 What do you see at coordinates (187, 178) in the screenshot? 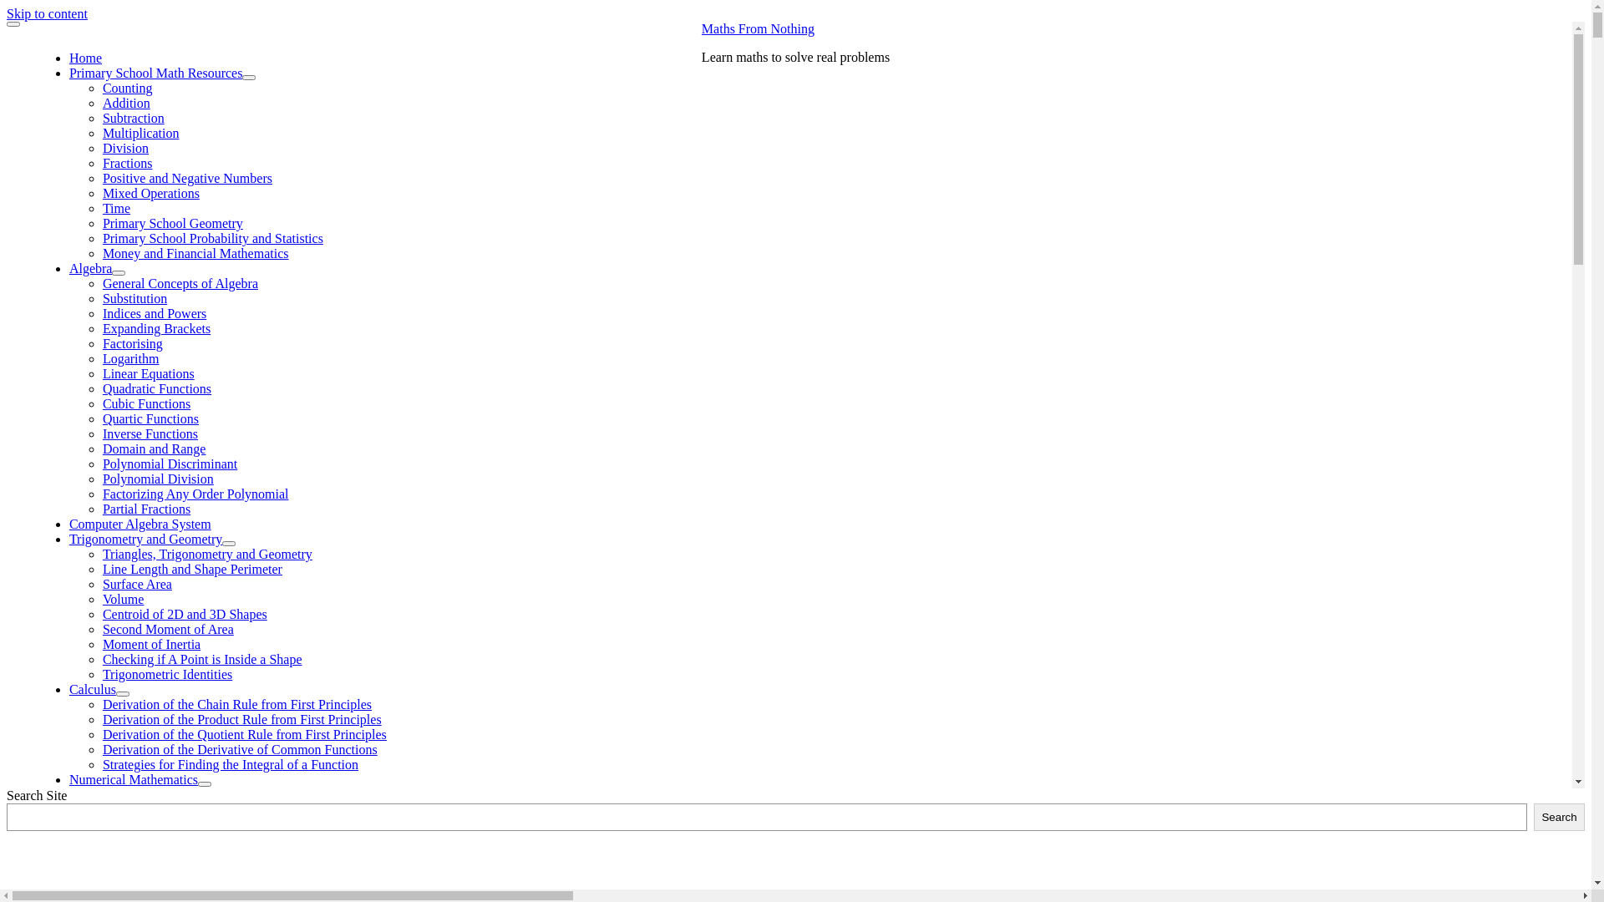
I see `'Positive and Negative Numbers'` at bounding box center [187, 178].